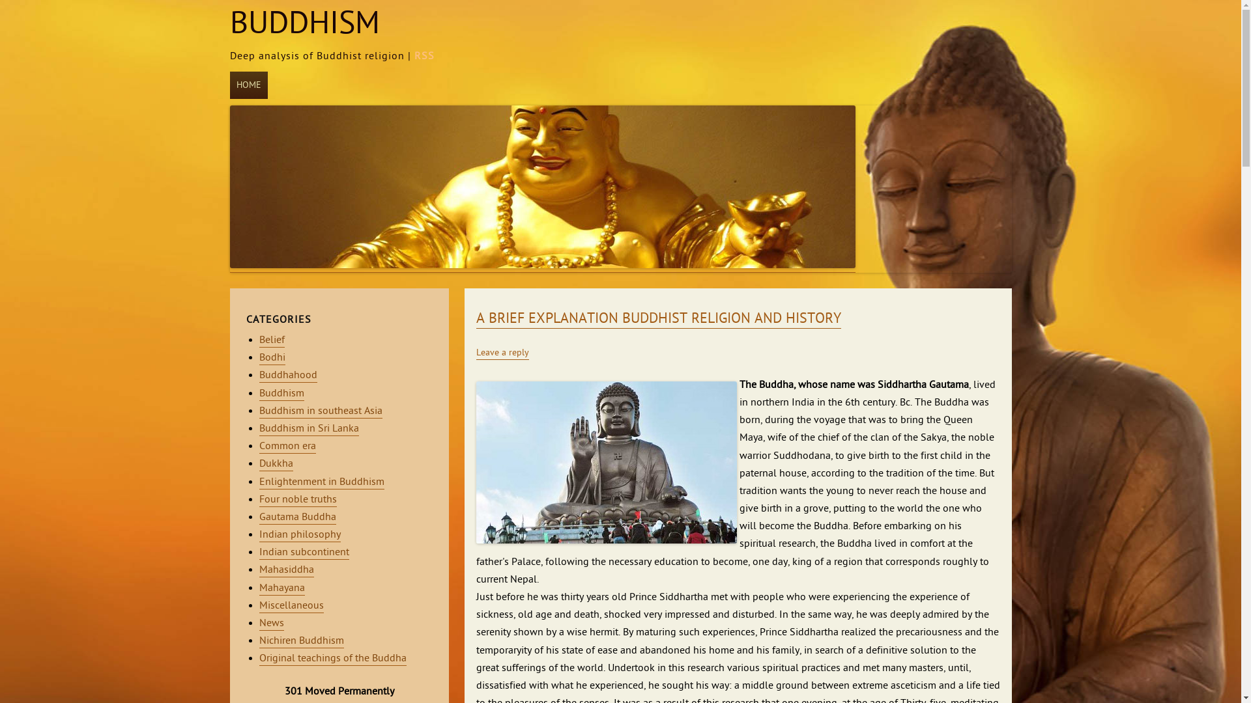  What do you see at coordinates (287, 376) in the screenshot?
I see `'Buddhahood'` at bounding box center [287, 376].